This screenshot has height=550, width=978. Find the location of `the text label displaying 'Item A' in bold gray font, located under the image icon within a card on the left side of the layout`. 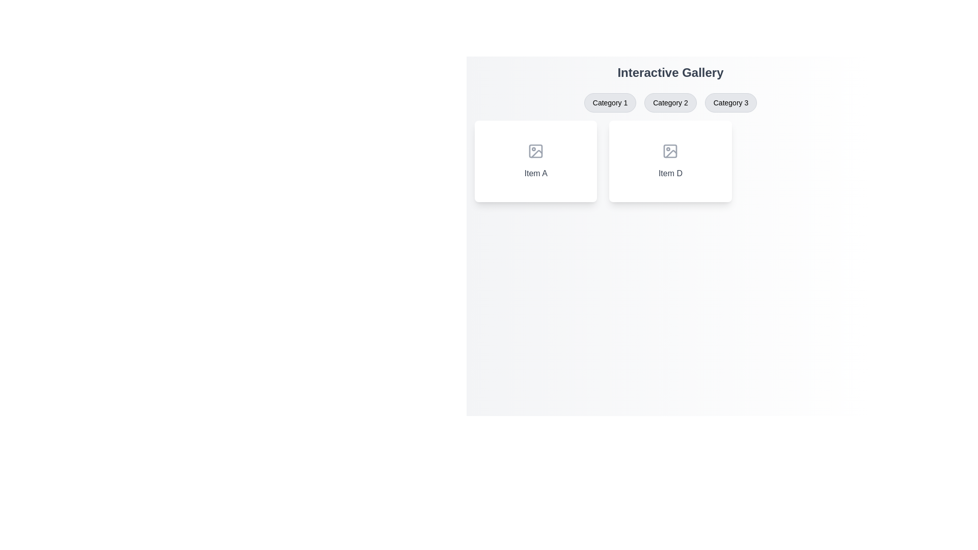

the text label displaying 'Item A' in bold gray font, located under the image icon within a card on the left side of the layout is located at coordinates (535, 173).